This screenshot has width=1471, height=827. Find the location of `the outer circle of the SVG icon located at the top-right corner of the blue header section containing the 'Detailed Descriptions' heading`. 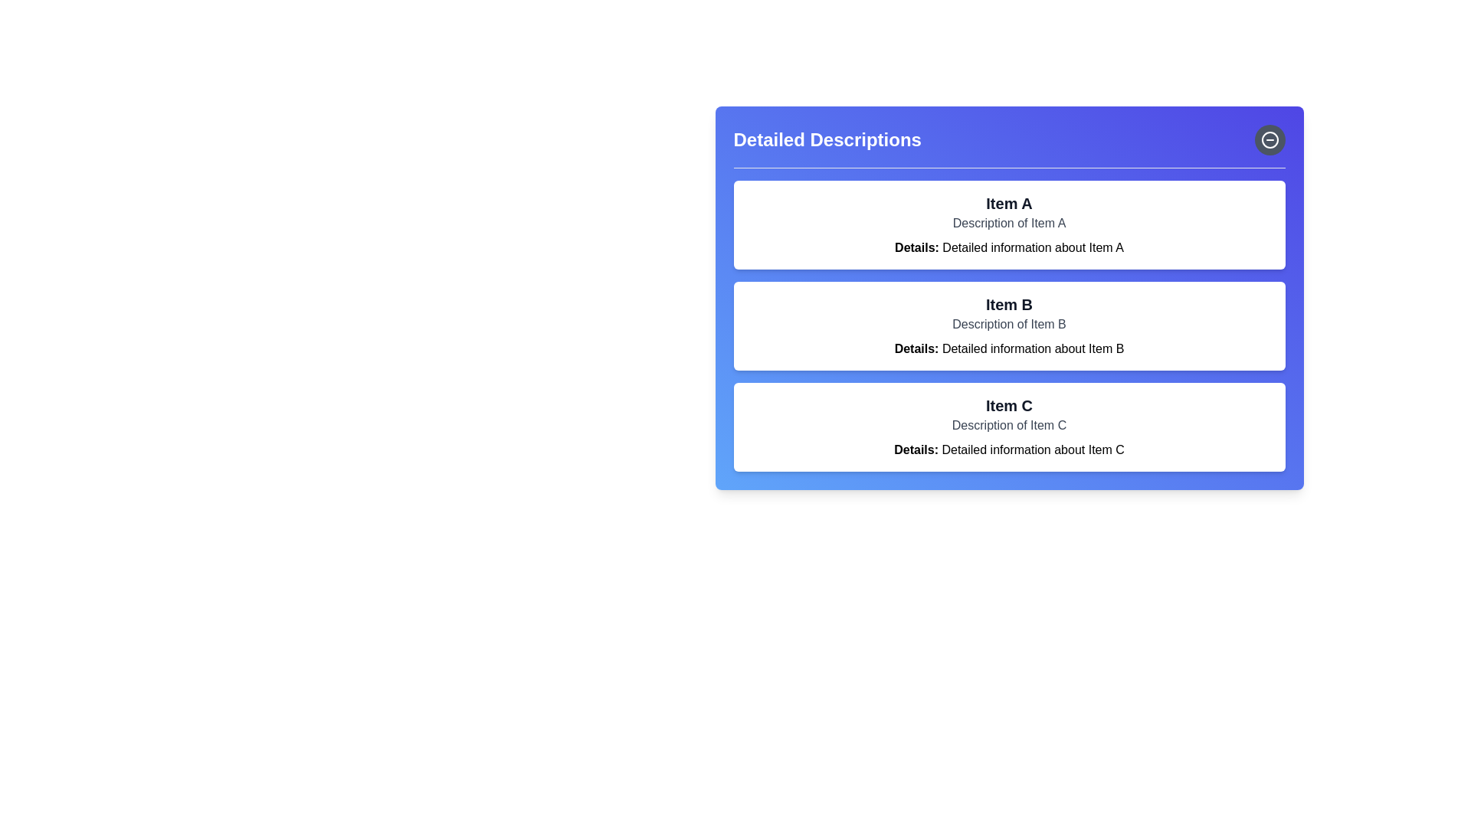

the outer circle of the SVG icon located at the top-right corner of the blue header section containing the 'Detailed Descriptions' heading is located at coordinates (1270, 139).